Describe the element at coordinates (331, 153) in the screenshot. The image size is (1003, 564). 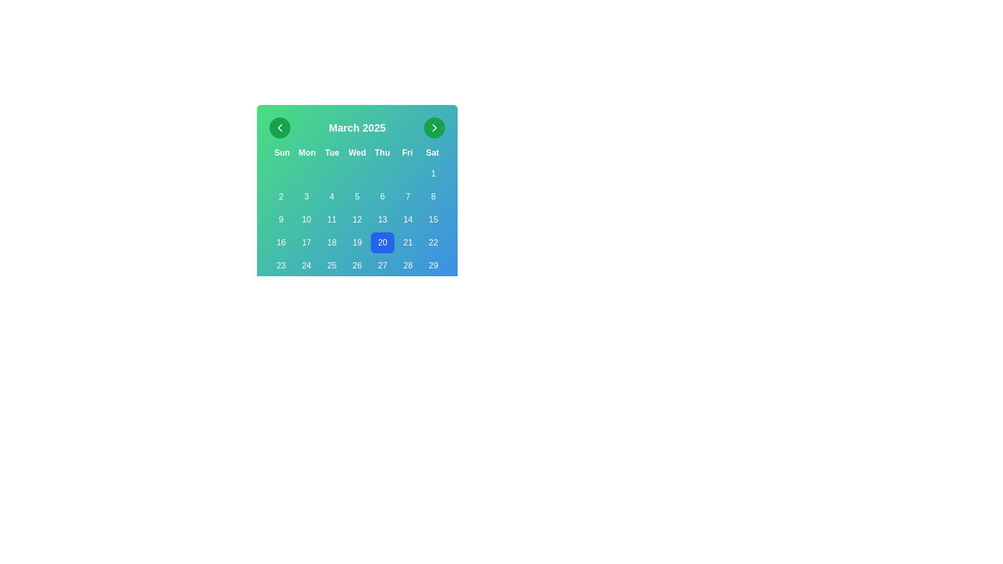
I see `the text label displaying 'Tue', which is styled with a bold font and has a white color against a green background, representing Tuesday in the calendar interface` at that location.